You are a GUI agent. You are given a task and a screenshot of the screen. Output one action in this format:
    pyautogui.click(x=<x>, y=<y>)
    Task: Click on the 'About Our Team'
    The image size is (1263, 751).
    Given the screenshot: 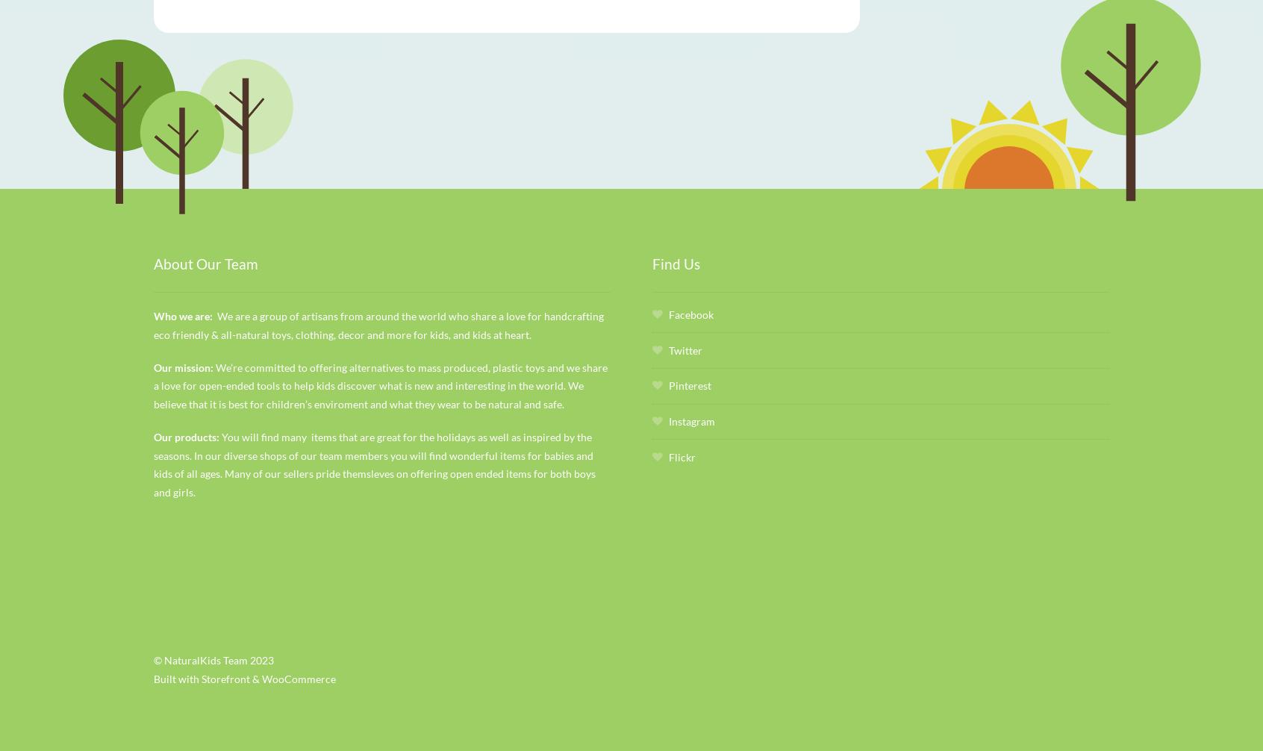 What is the action you would take?
    pyautogui.click(x=205, y=263)
    